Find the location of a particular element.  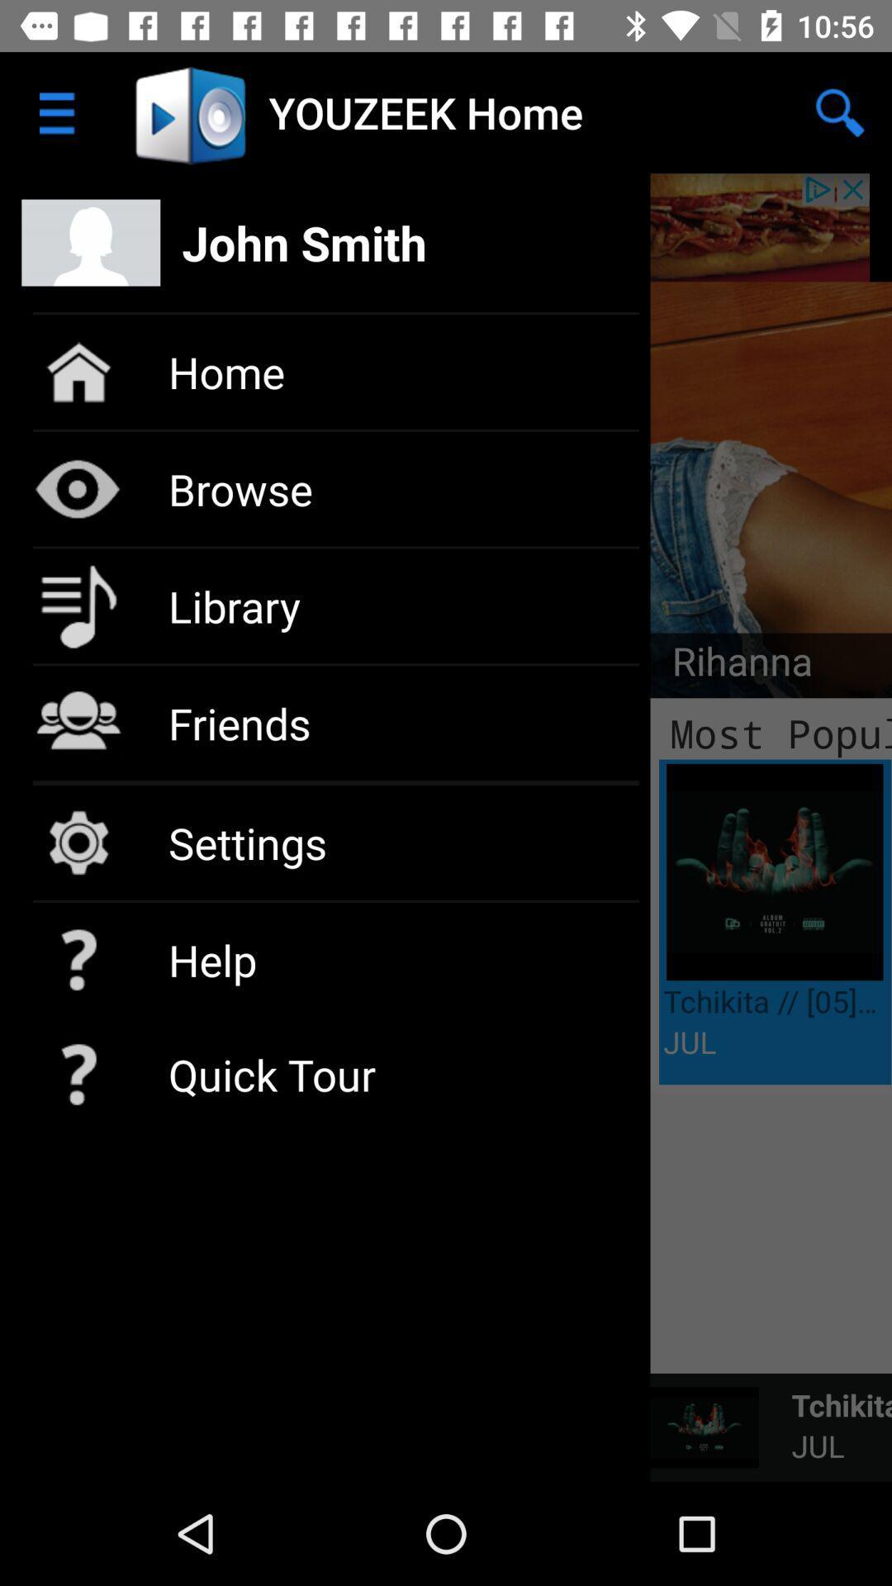

the icon below john smith item is located at coordinates (730, 666).